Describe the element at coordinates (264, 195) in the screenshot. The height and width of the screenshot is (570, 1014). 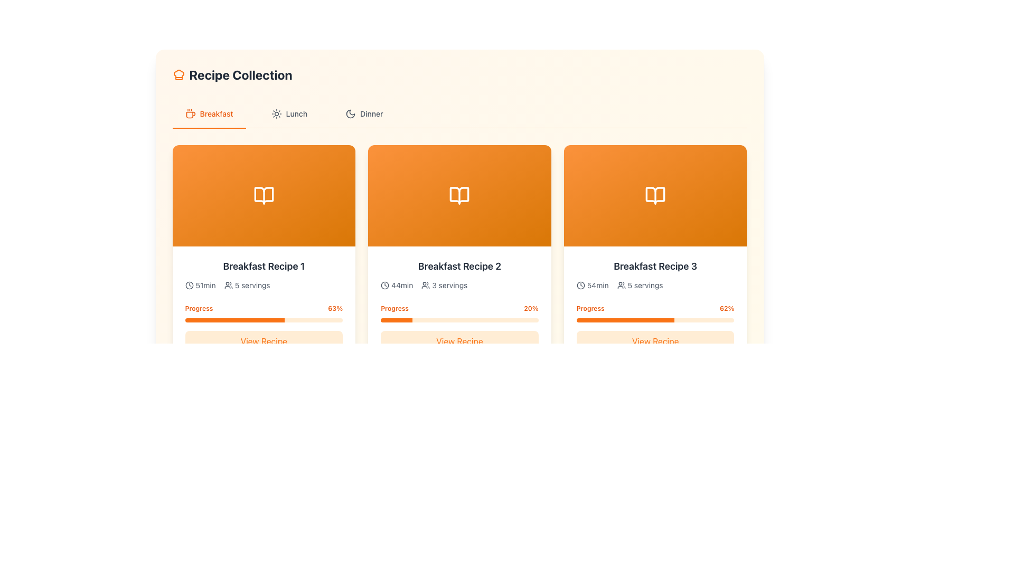
I see `the open book icon element` at that location.